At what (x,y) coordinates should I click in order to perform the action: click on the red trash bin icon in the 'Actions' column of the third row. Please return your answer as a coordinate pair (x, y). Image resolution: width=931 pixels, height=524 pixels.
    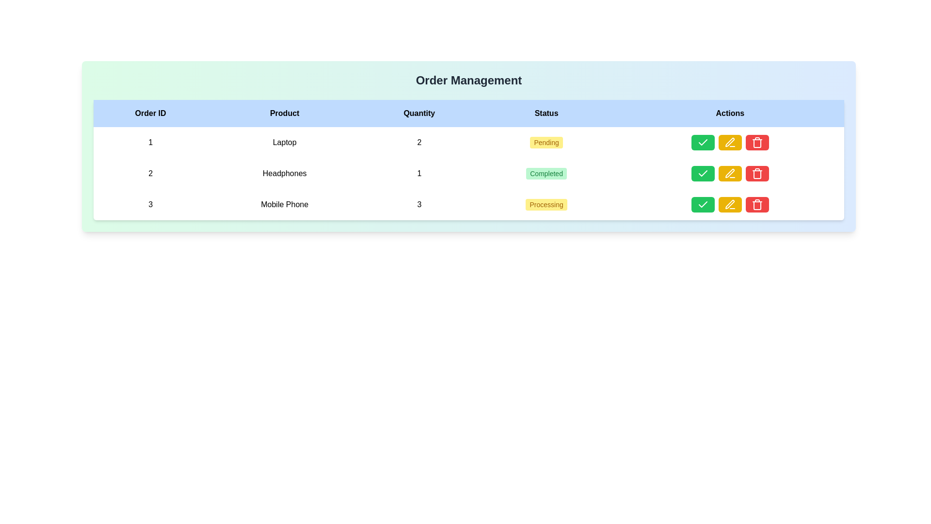
    Looking at the image, I should click on (756, 144).